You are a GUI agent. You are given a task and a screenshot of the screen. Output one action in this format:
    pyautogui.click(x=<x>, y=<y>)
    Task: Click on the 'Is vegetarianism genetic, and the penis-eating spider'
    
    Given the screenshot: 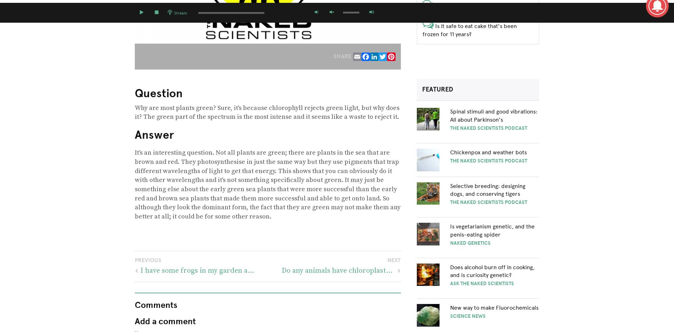 What is the action you would take?
    pyautogui.click(x=492, y=230)
    